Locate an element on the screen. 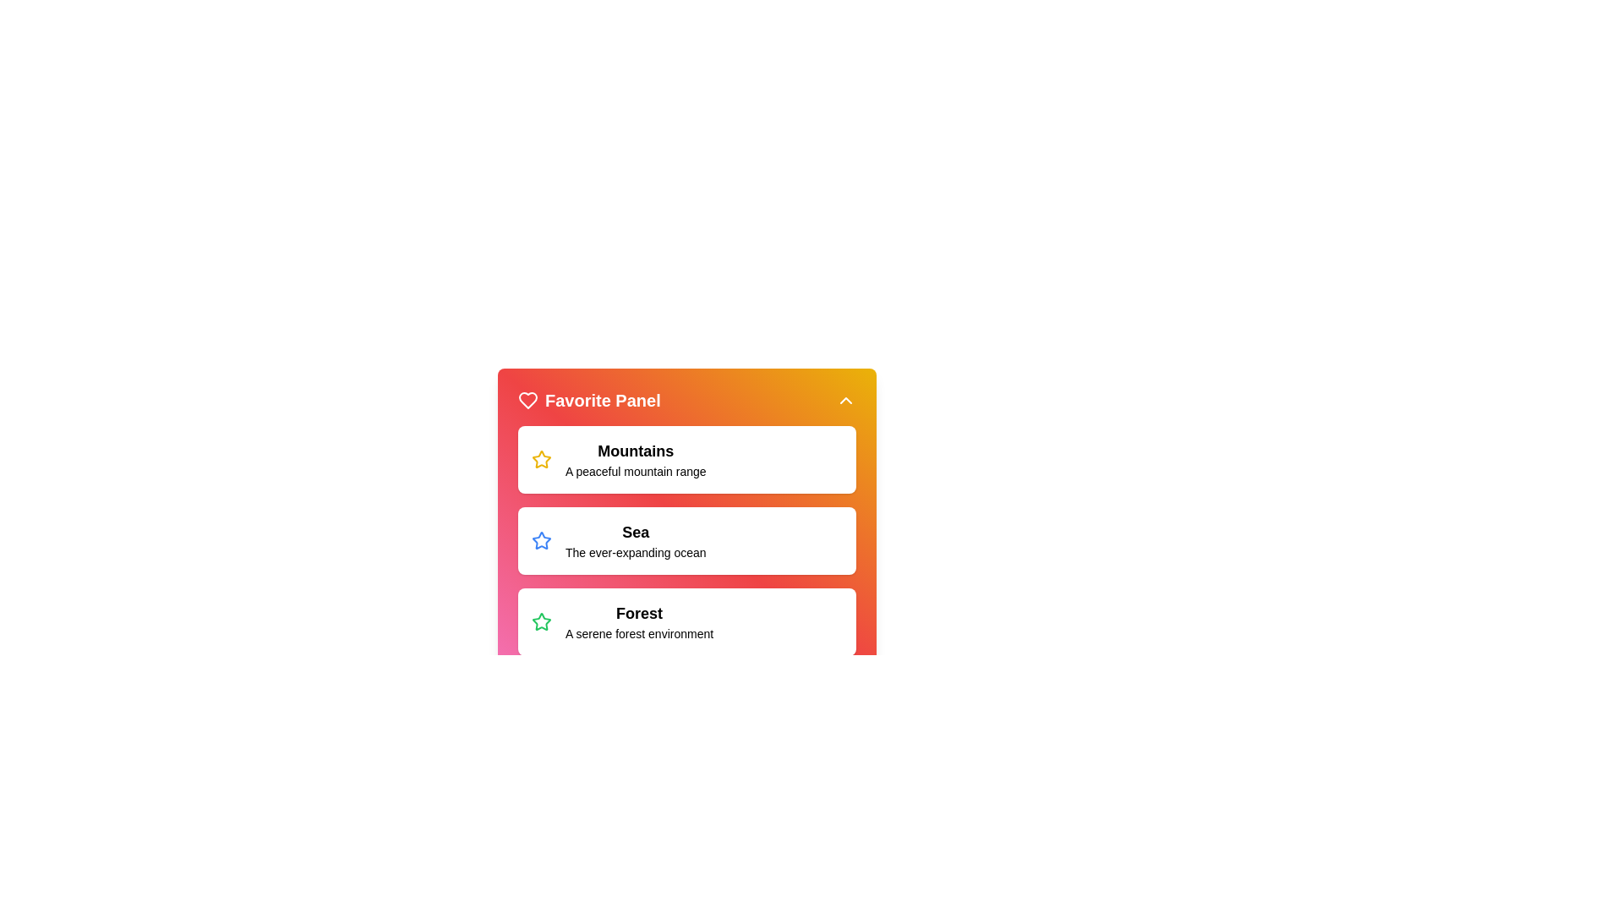 The image size is (1623, 913). the toggle button for the Favorite Panel located in the upper-right corner is located at coordinates (846, 401).